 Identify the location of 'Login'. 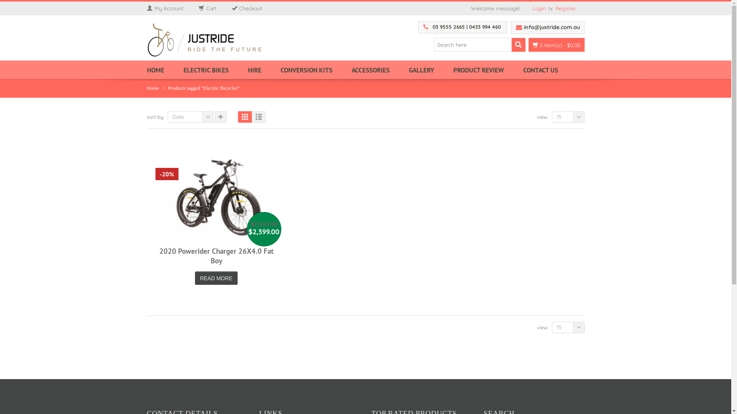
(538, 8).